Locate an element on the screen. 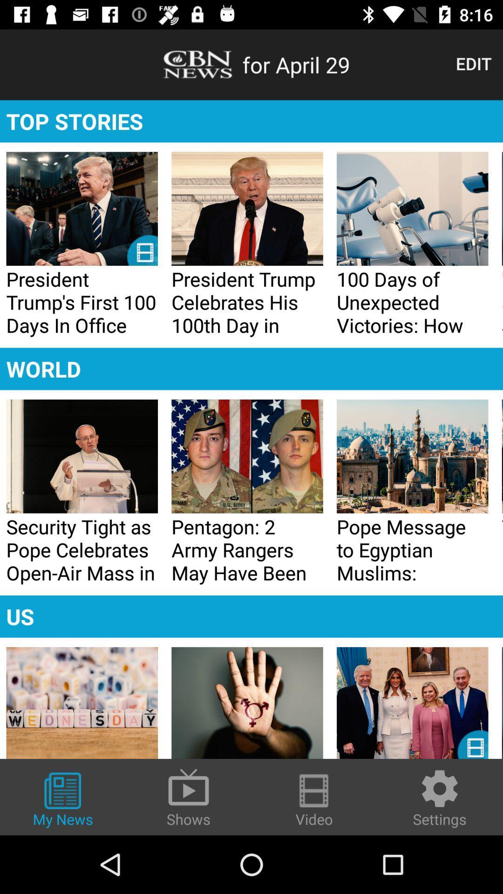  icon next to shows is located at coordinates (63, 800).